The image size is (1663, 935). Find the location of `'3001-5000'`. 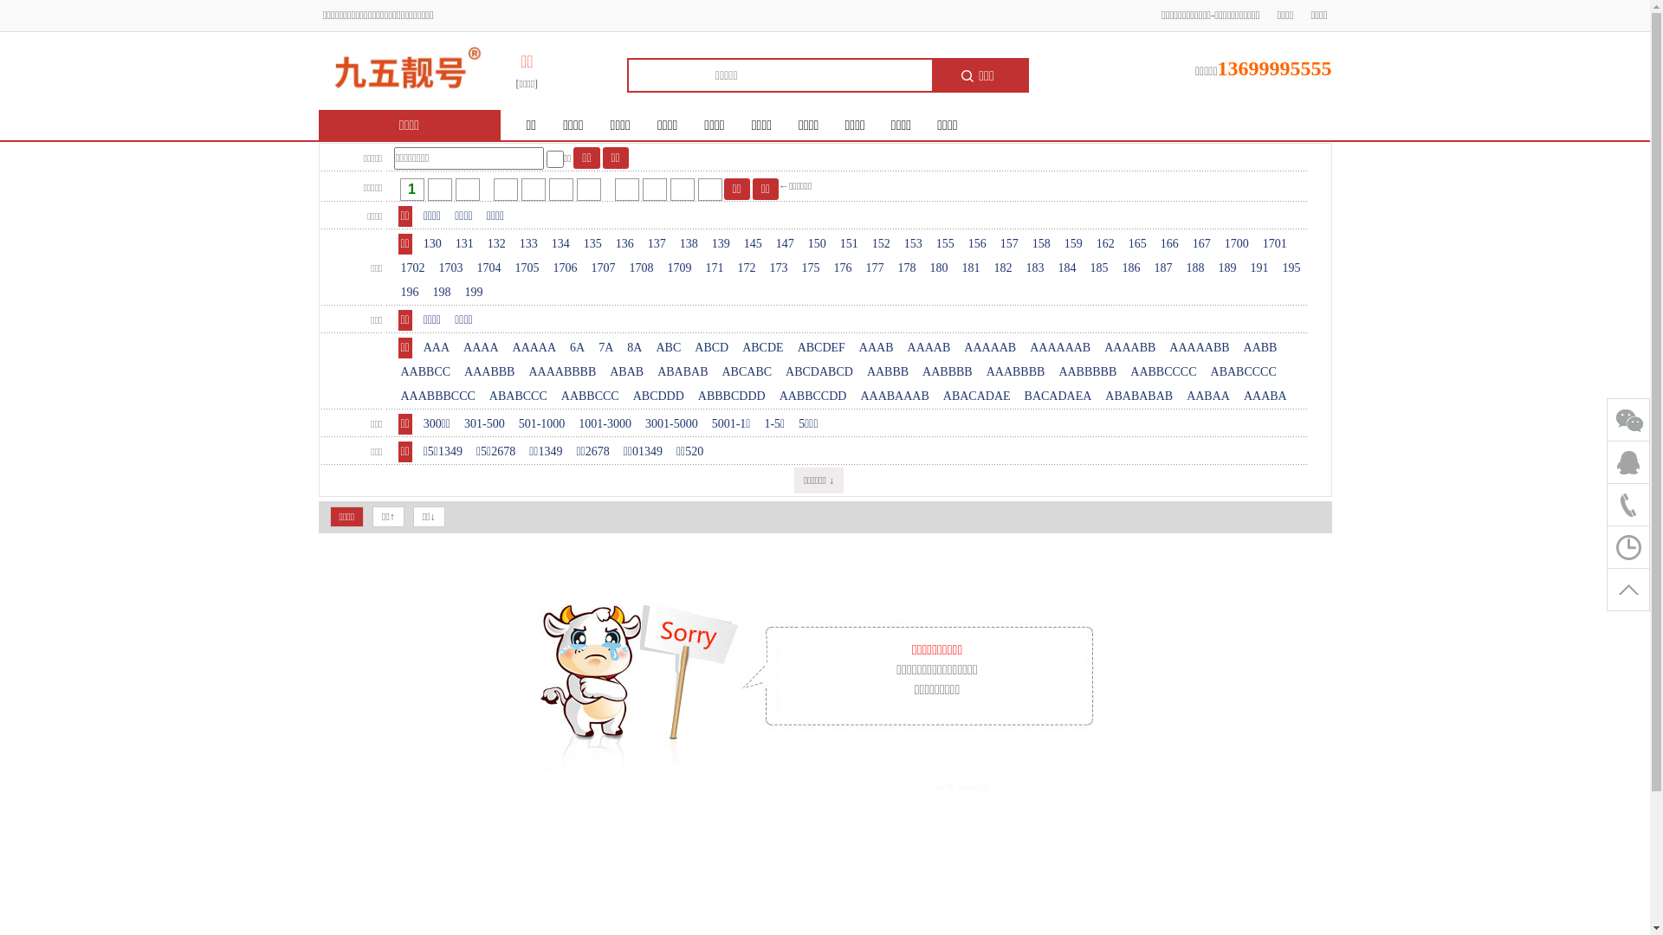

'3001-5000' is located at coordinates (670, 423).